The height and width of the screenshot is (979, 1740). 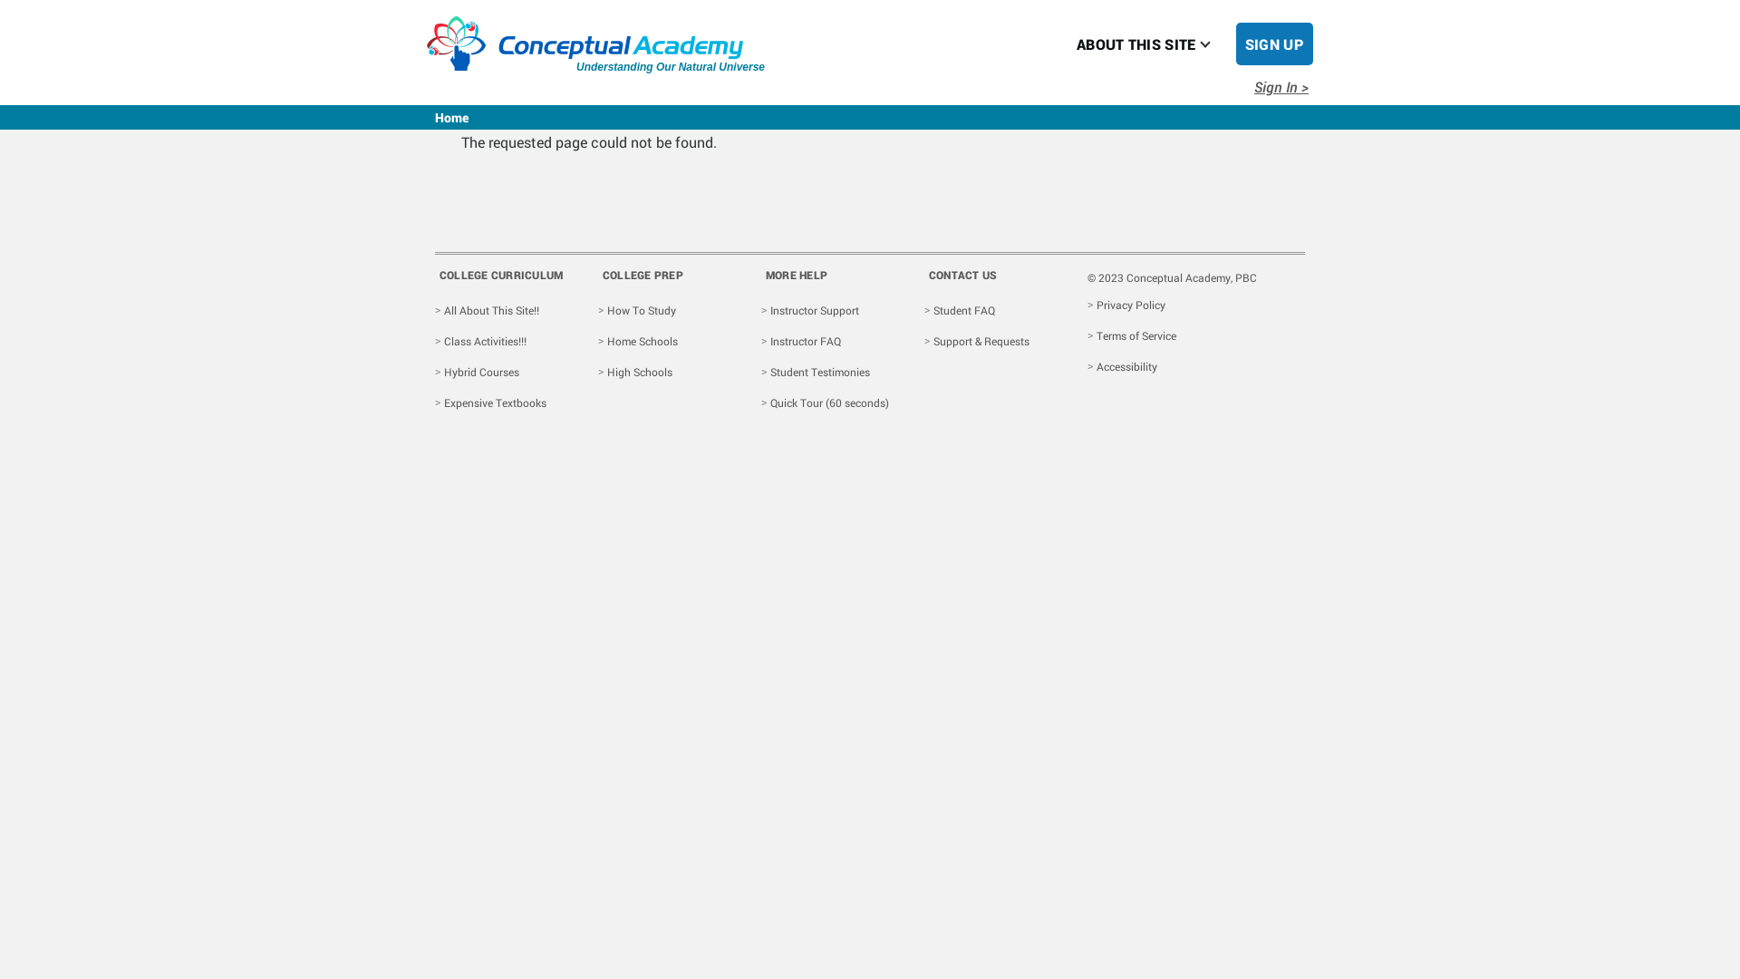 I want to click on 'Privacy Policy', so click(x=1130, y=303).